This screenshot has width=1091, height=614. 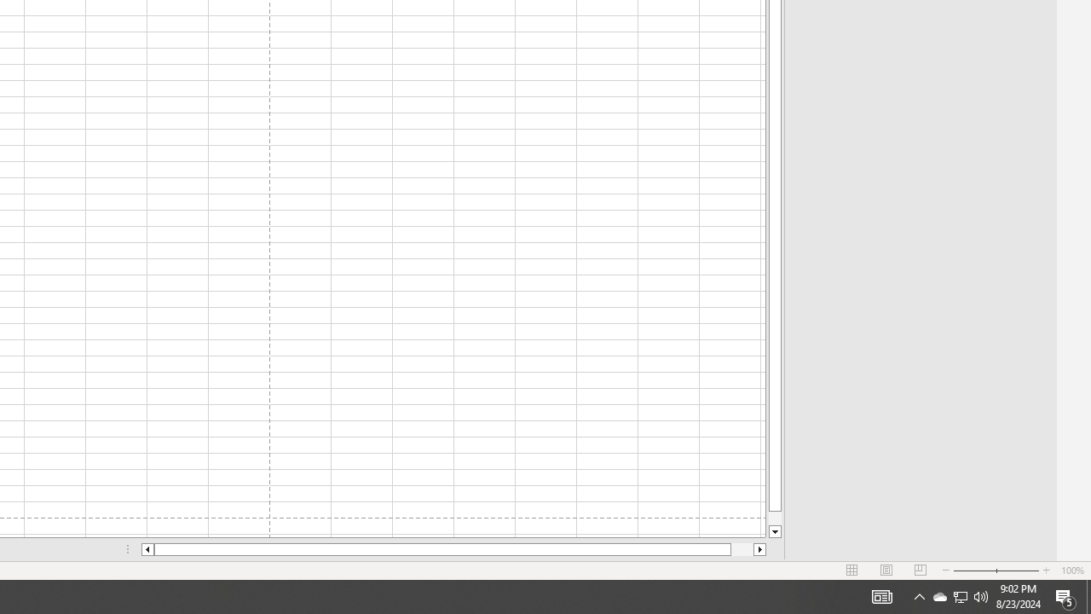 I want to click on 'Page right', so click(x=742, y=549).